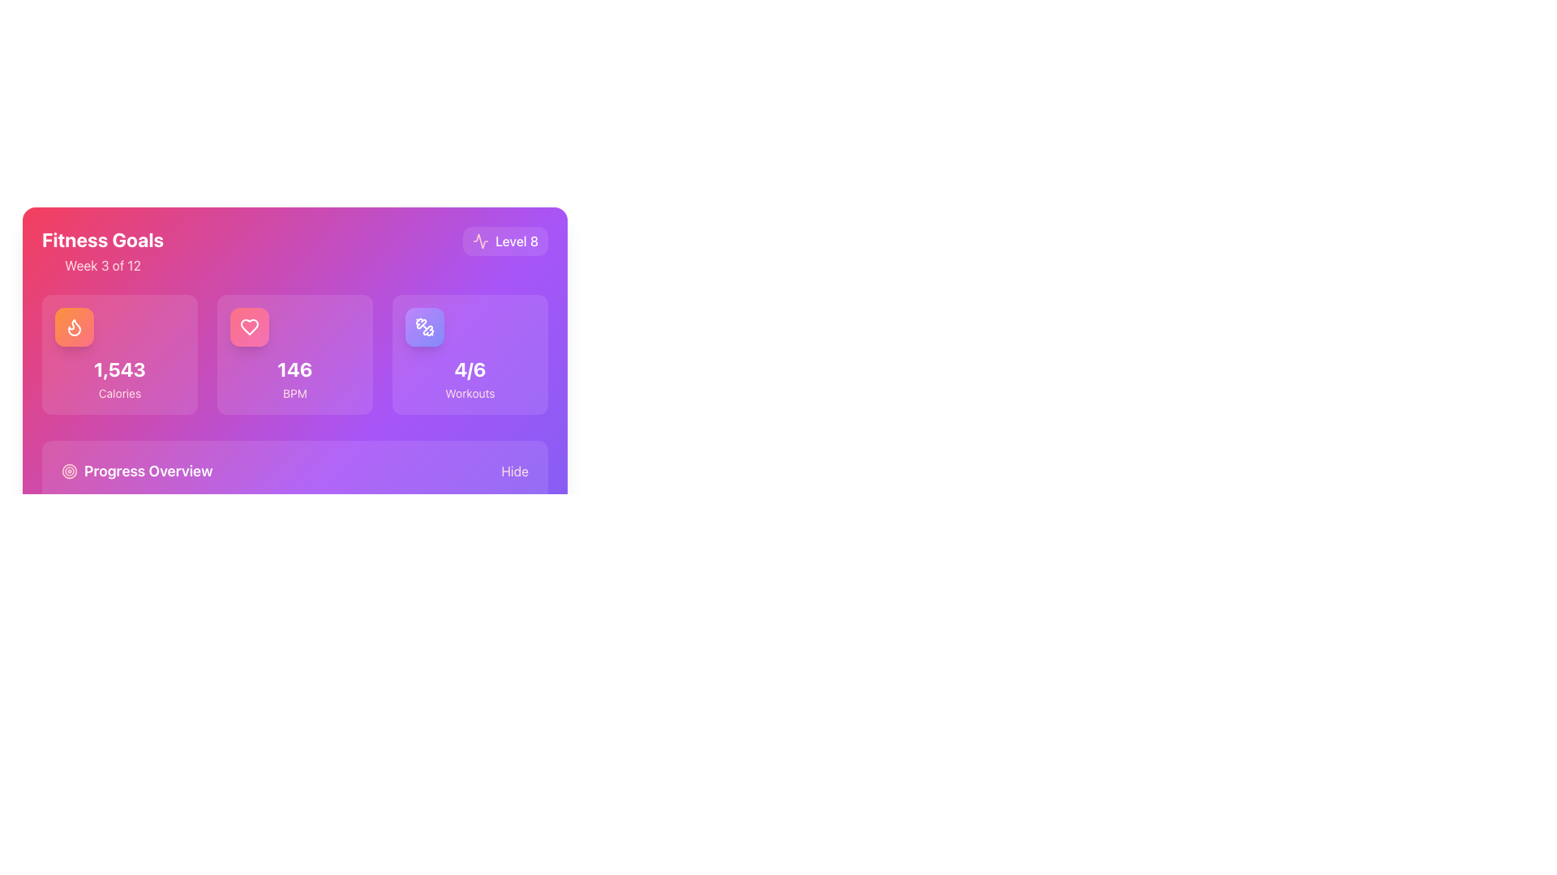 The image size is (1557, 875). Describe the element at coordinates (480, 241) in the screenshot. I see `the fitness icon located to the left of the 'Level 8' text within the upper-right corner of the user's fitness goals card` at that location.